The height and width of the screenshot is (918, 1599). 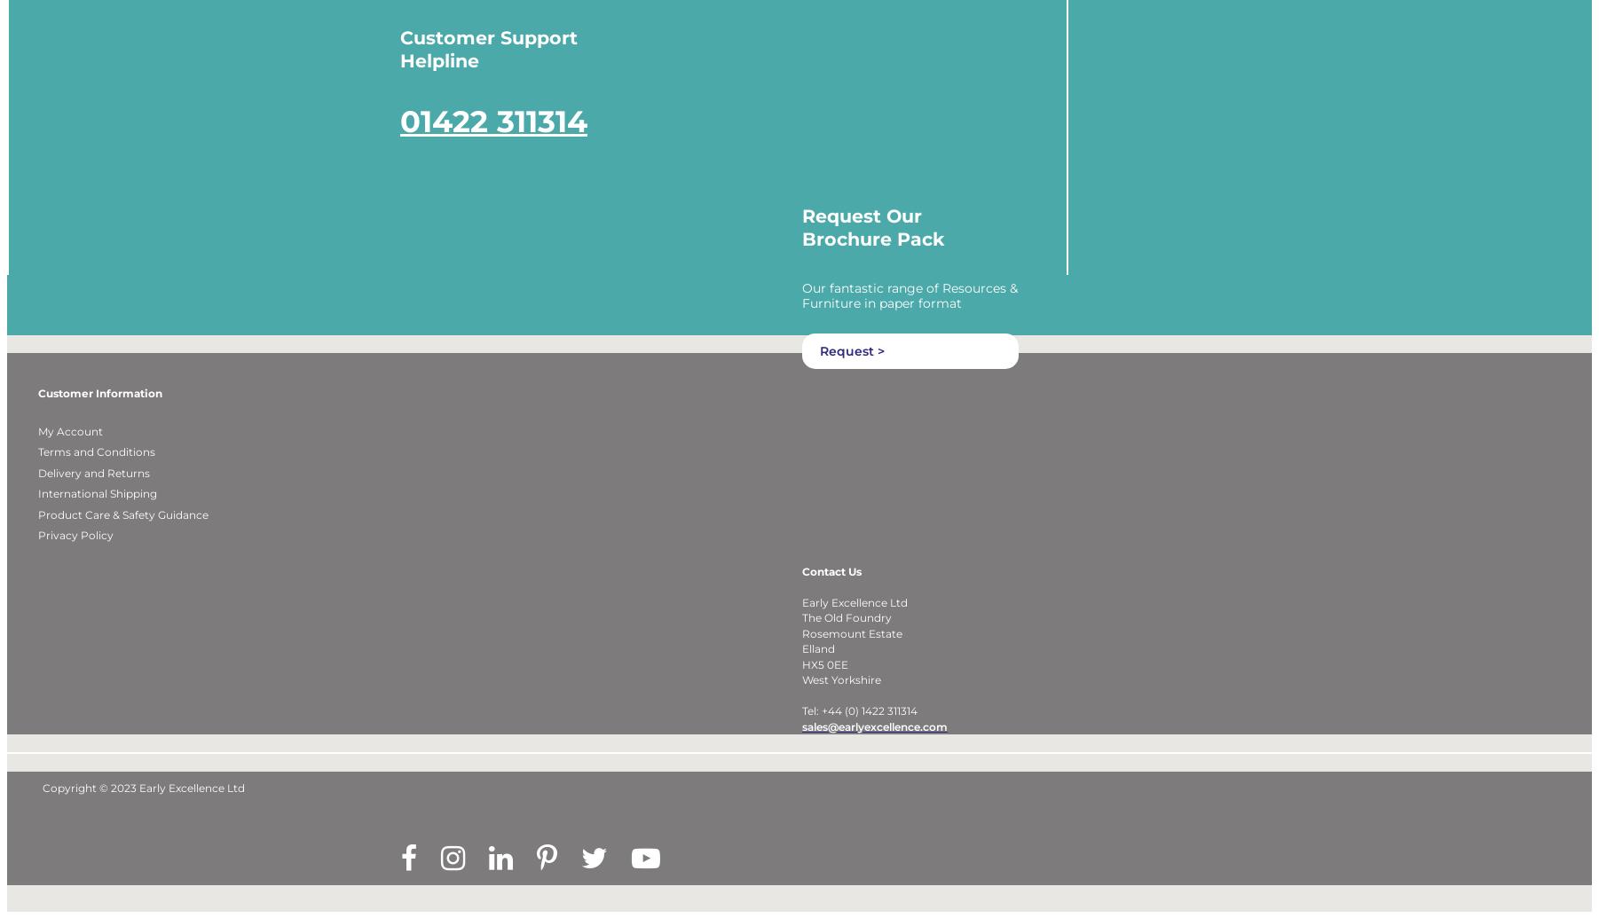 What do you see at coordinates (831, 593) in the screenshot?
I see `'Contact Us'` at bounding box center [831, 593].